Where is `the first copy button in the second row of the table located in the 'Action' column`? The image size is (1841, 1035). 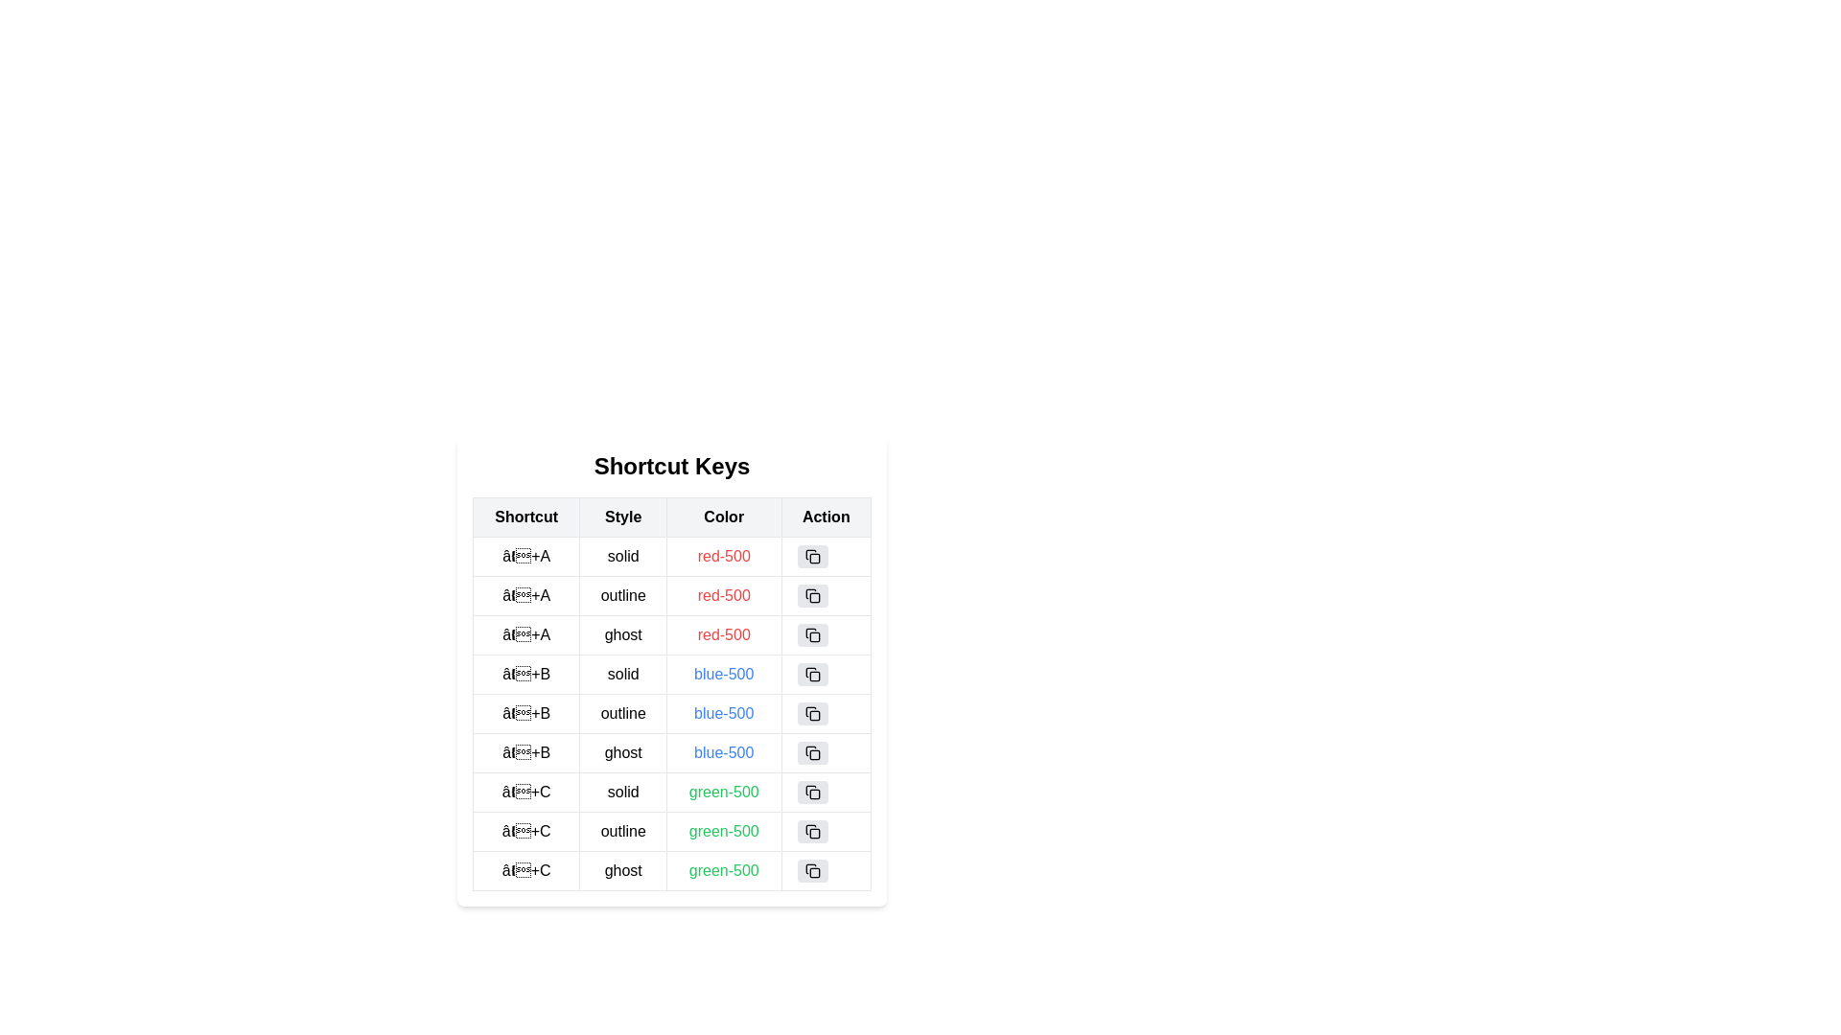
the first copy button in the second row of the table located in the 'Action' column is located at coordinates (812, 594).